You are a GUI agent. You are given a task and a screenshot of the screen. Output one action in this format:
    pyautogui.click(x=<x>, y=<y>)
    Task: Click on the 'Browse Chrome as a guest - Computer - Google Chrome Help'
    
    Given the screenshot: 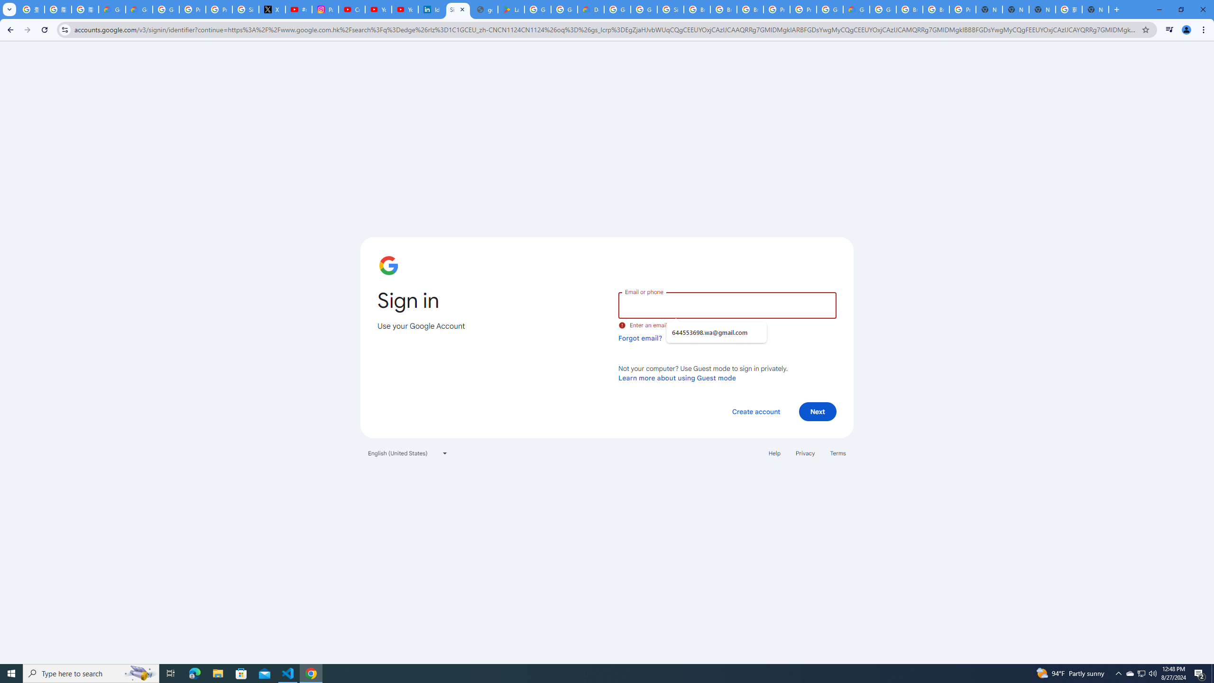 What is the action you would take?
    pyautogui.click(x=909, y=9)
    